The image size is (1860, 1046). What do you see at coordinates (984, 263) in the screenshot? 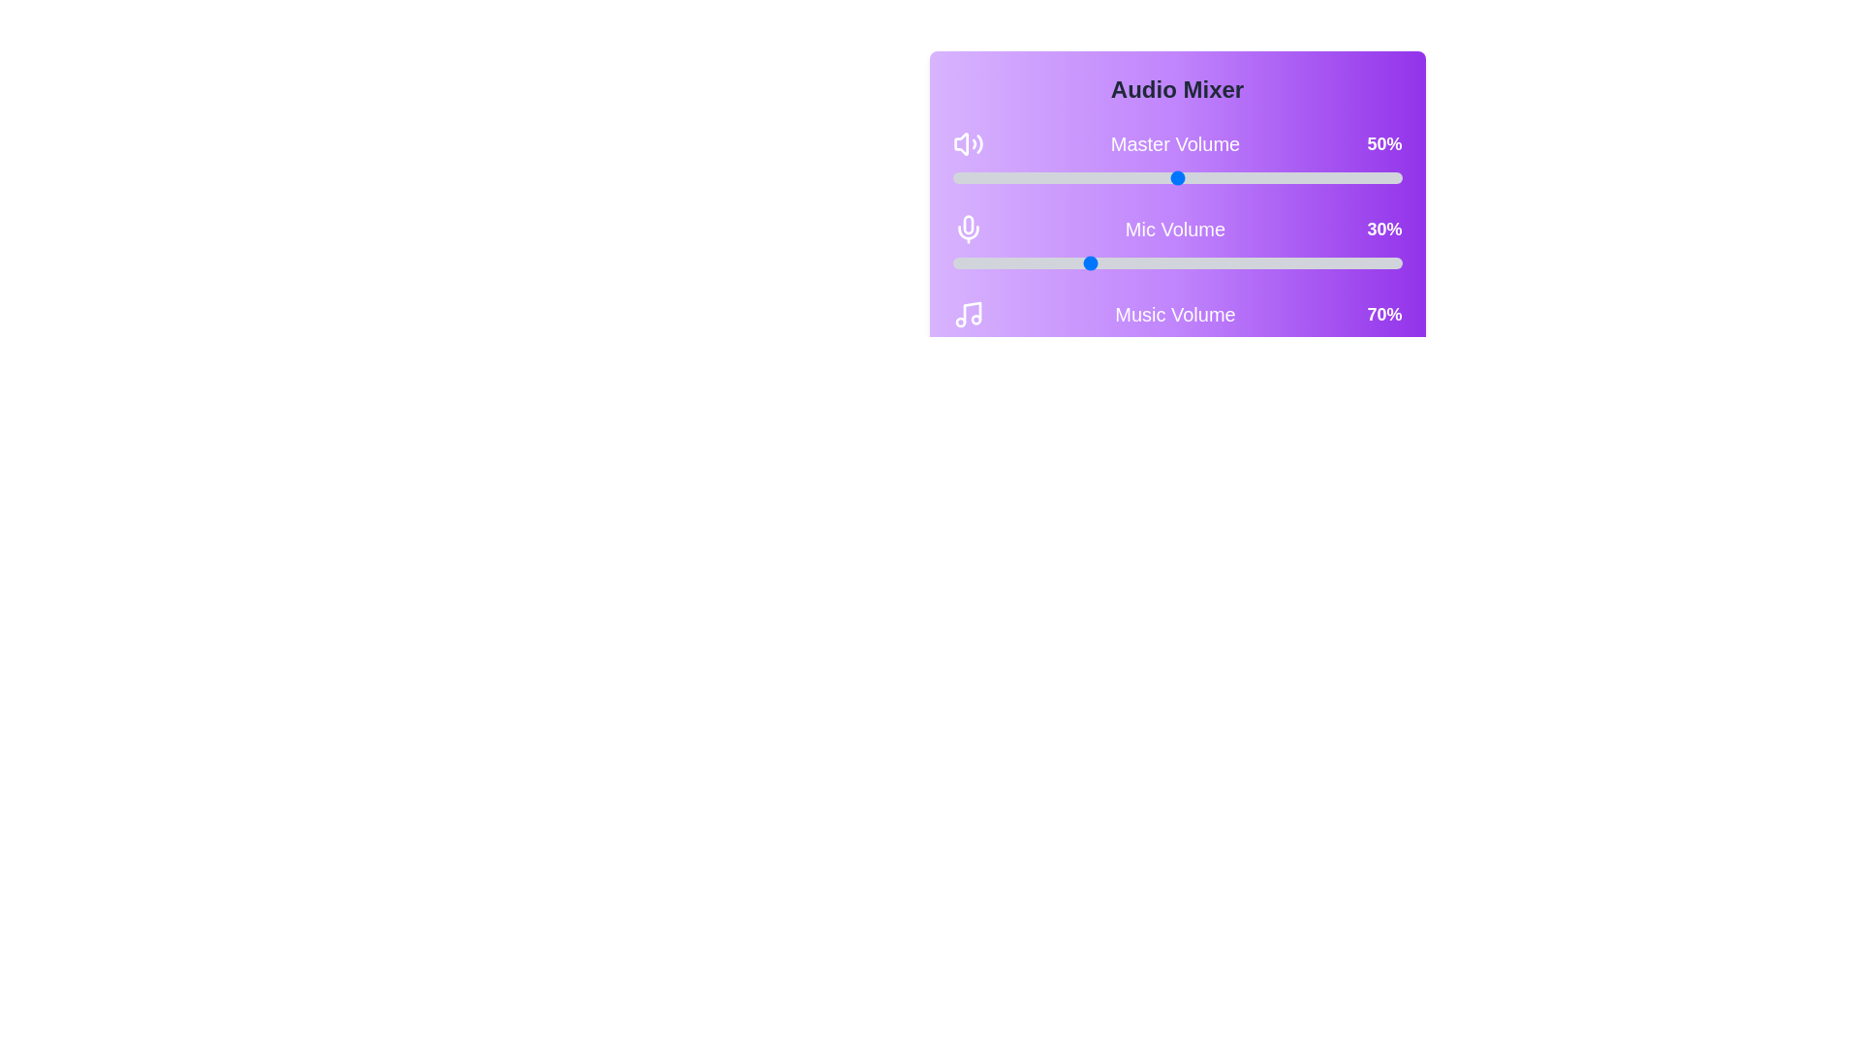
I see `the microphone volume` at bounding box center [984, 263].